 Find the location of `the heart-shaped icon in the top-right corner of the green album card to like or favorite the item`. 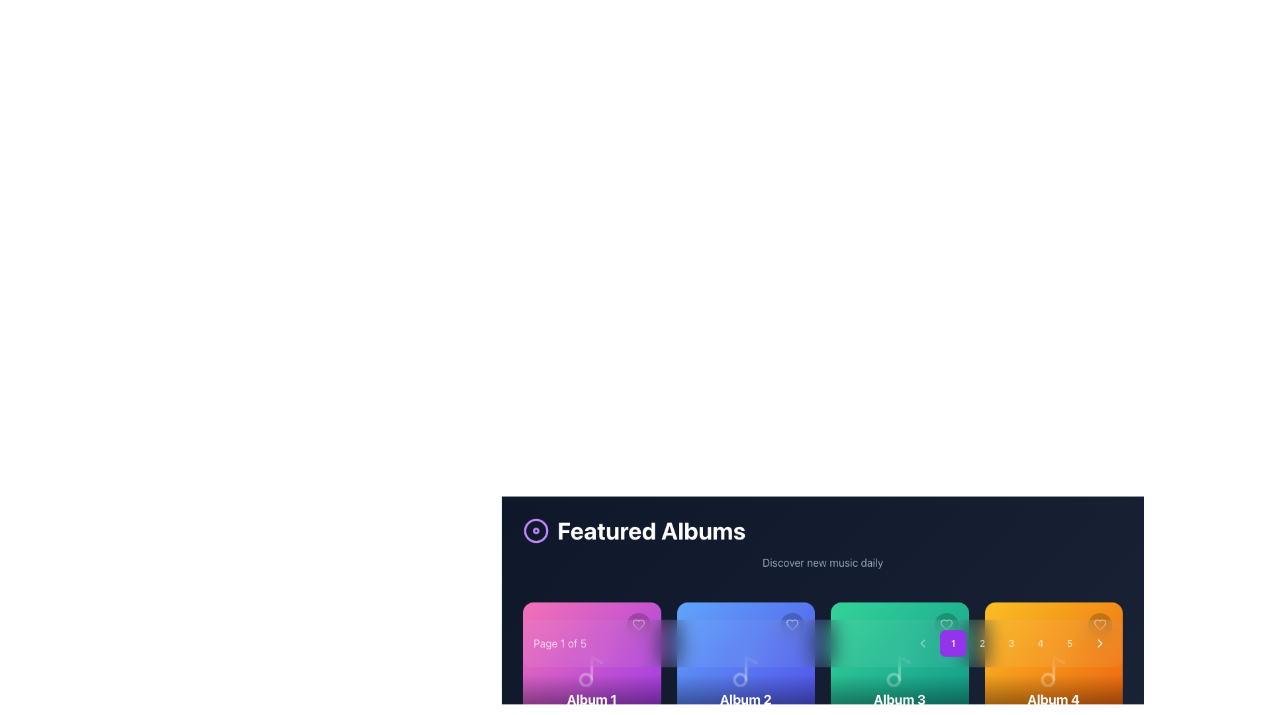

the heart-shaped icon in the top-right corner of the green album card to like or favorite the item is located at coordinates (945, 625).